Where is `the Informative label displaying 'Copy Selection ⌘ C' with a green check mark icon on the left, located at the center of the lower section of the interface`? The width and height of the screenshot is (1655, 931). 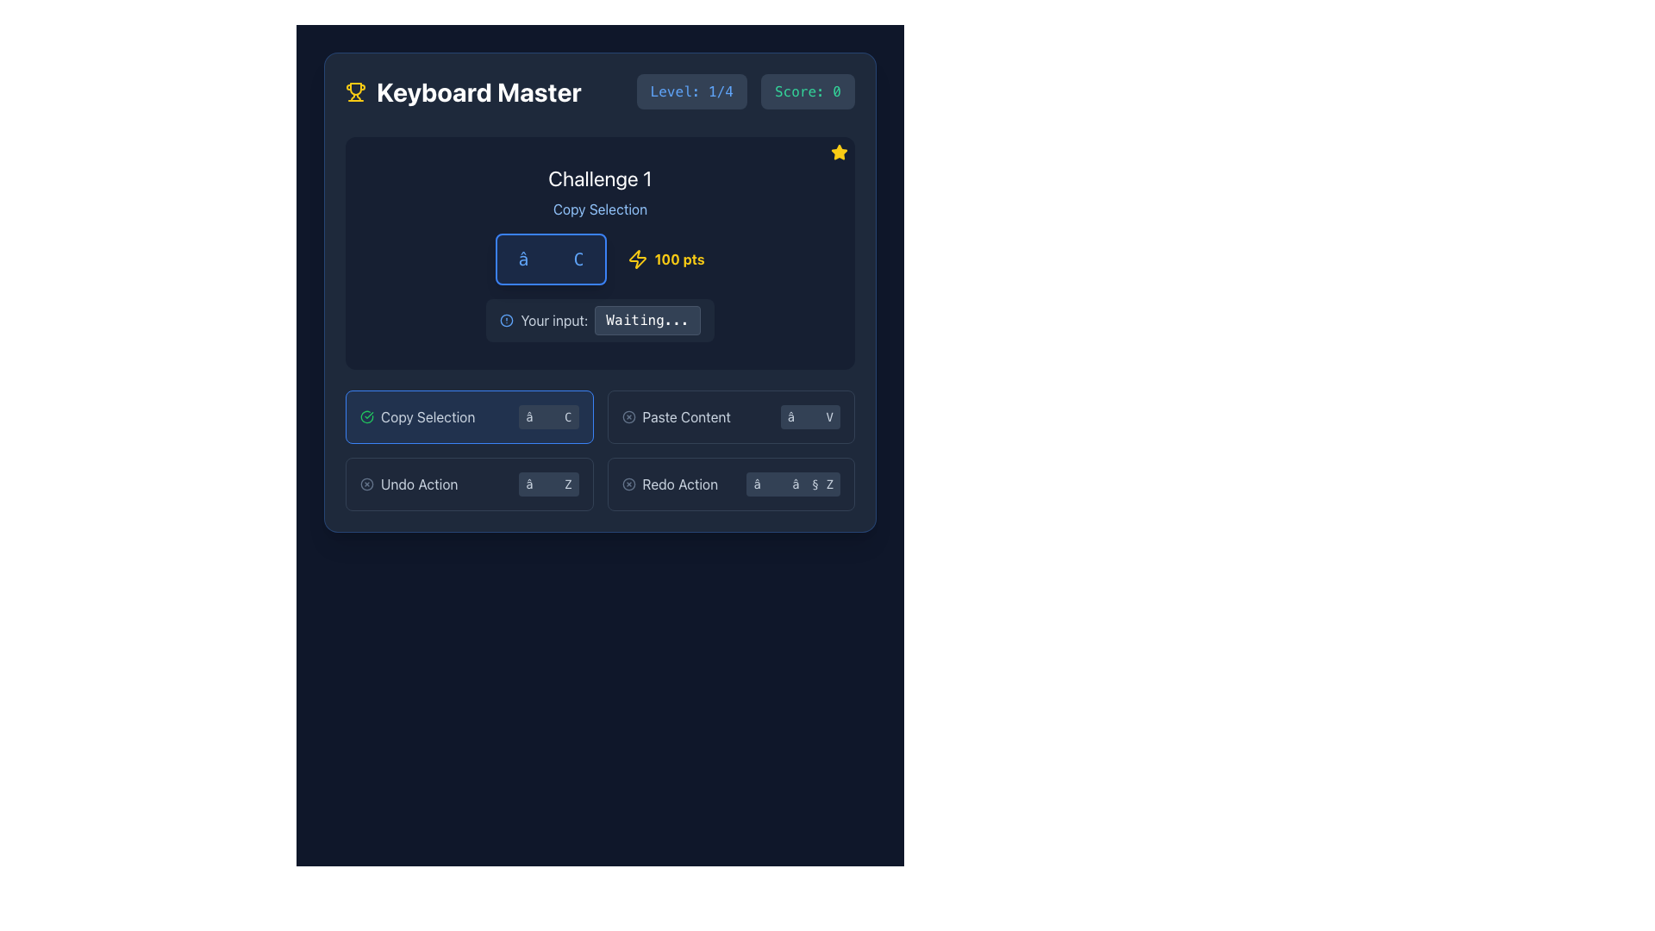
the Informative label displaying 'Copy Selection ⌘ C' with a green check mark icon on the left, located at the center of the lower section of the interface is located at coordinates (469, 416).